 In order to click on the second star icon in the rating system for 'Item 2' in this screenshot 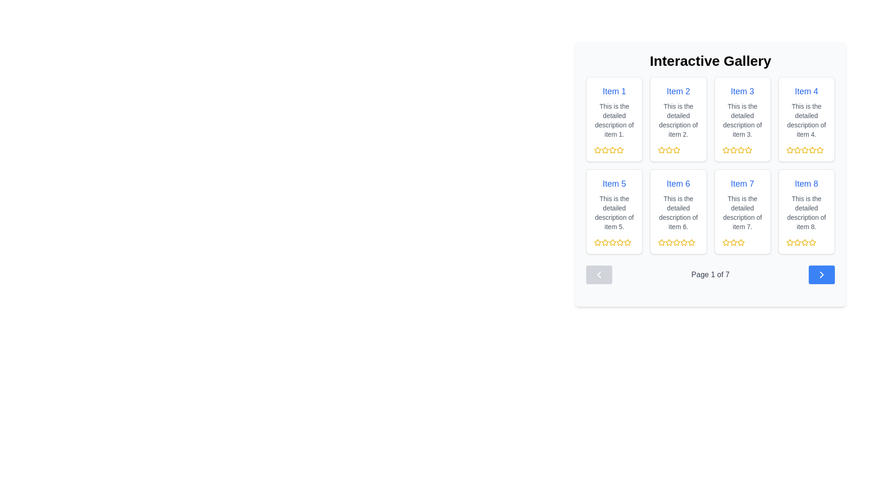, I will do `click(661, 149)`.